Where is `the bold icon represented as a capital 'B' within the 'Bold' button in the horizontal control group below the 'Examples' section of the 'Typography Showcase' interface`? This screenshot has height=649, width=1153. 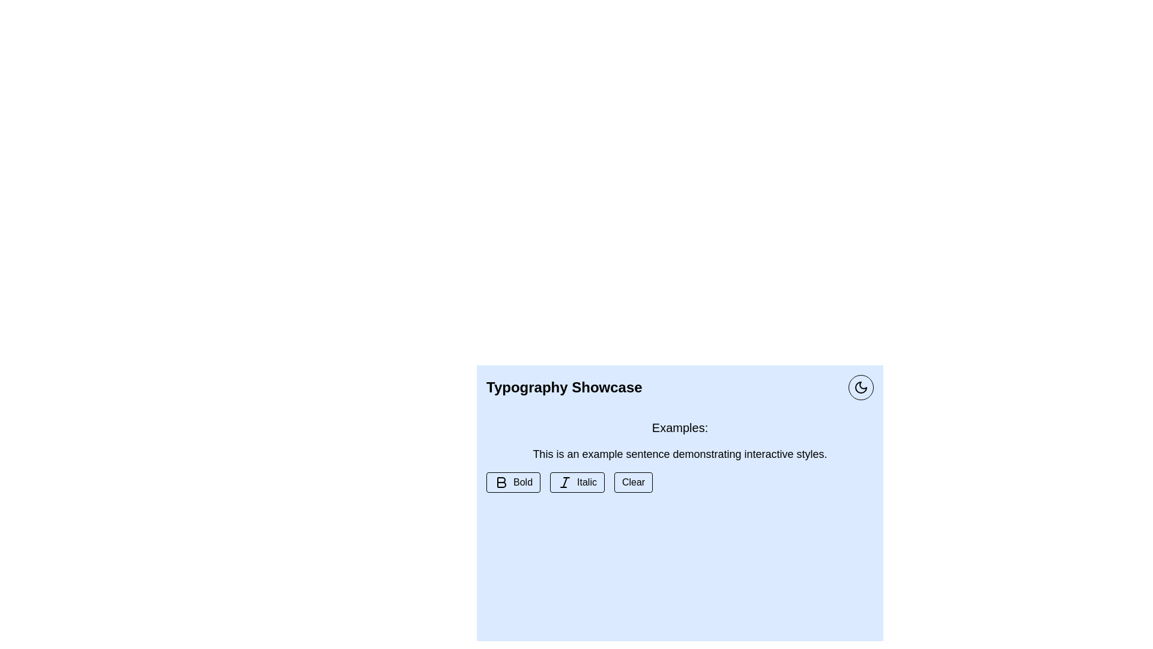
the bold icon represented as a capital 'B' within the 'Bold' button in the horizontal control group below the 'Examples' section of the 'Typography Showcase' interface is located at coordinates (501, 481).